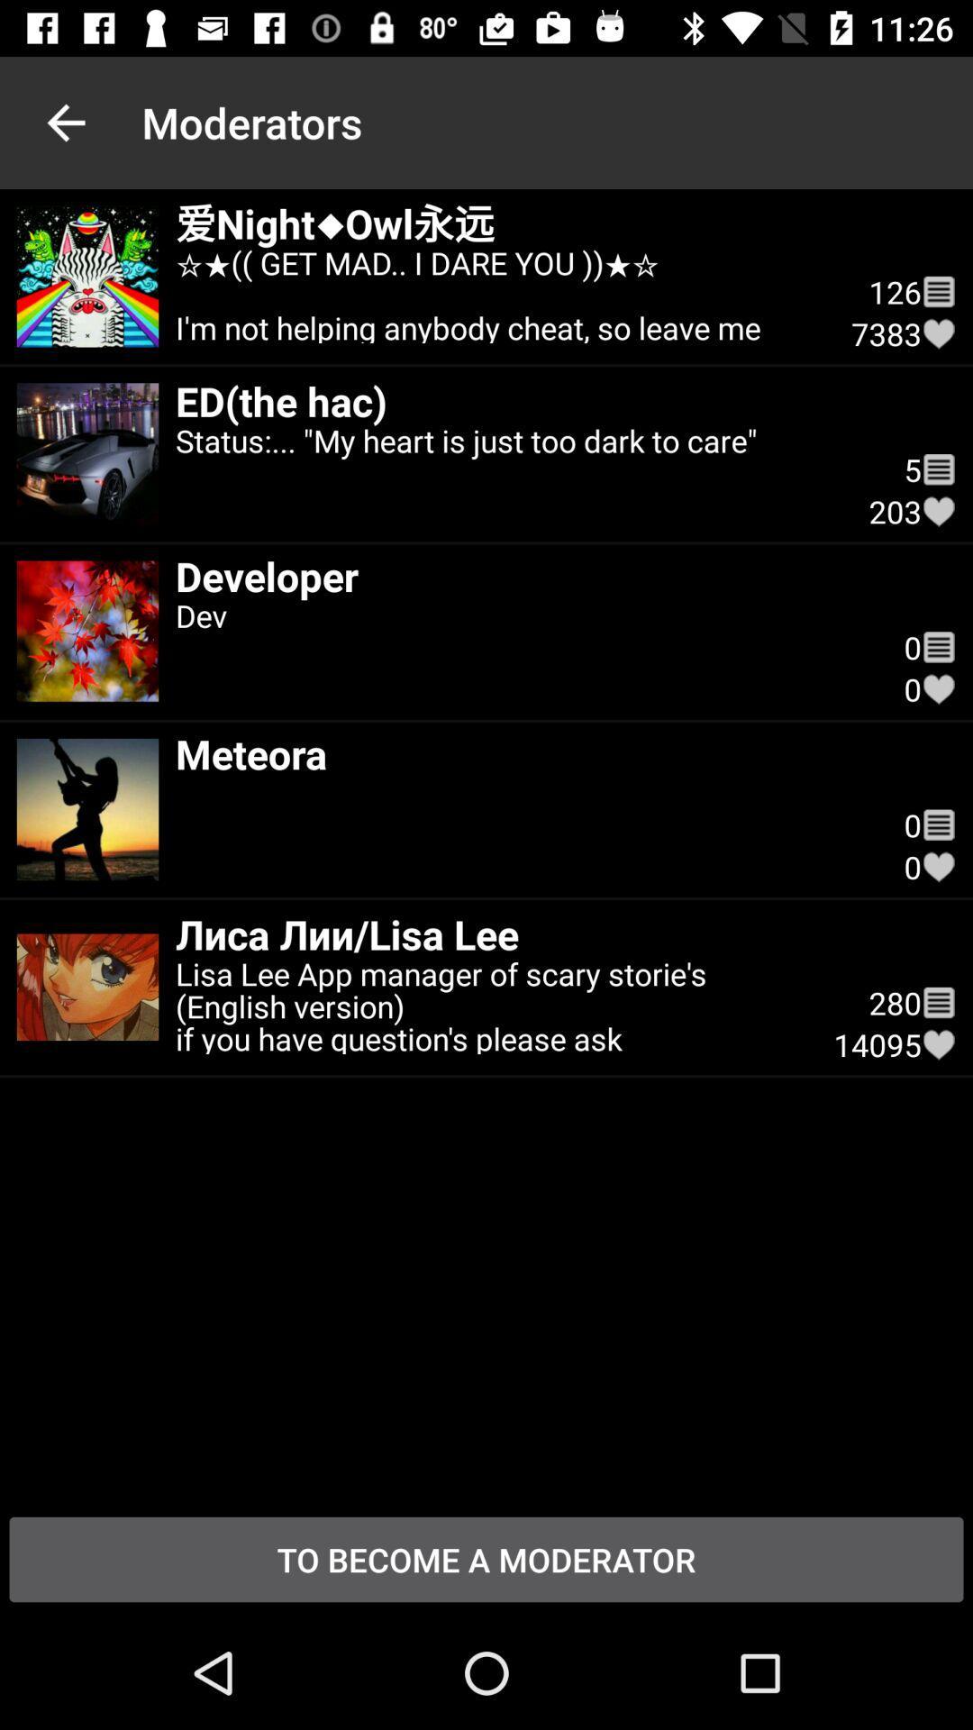 The image size is (973, 1730). What do you see at coordinates (938, 1044) in the screenshot?
I see `icon above the to become a icon` at bounding box center [938, 1044].